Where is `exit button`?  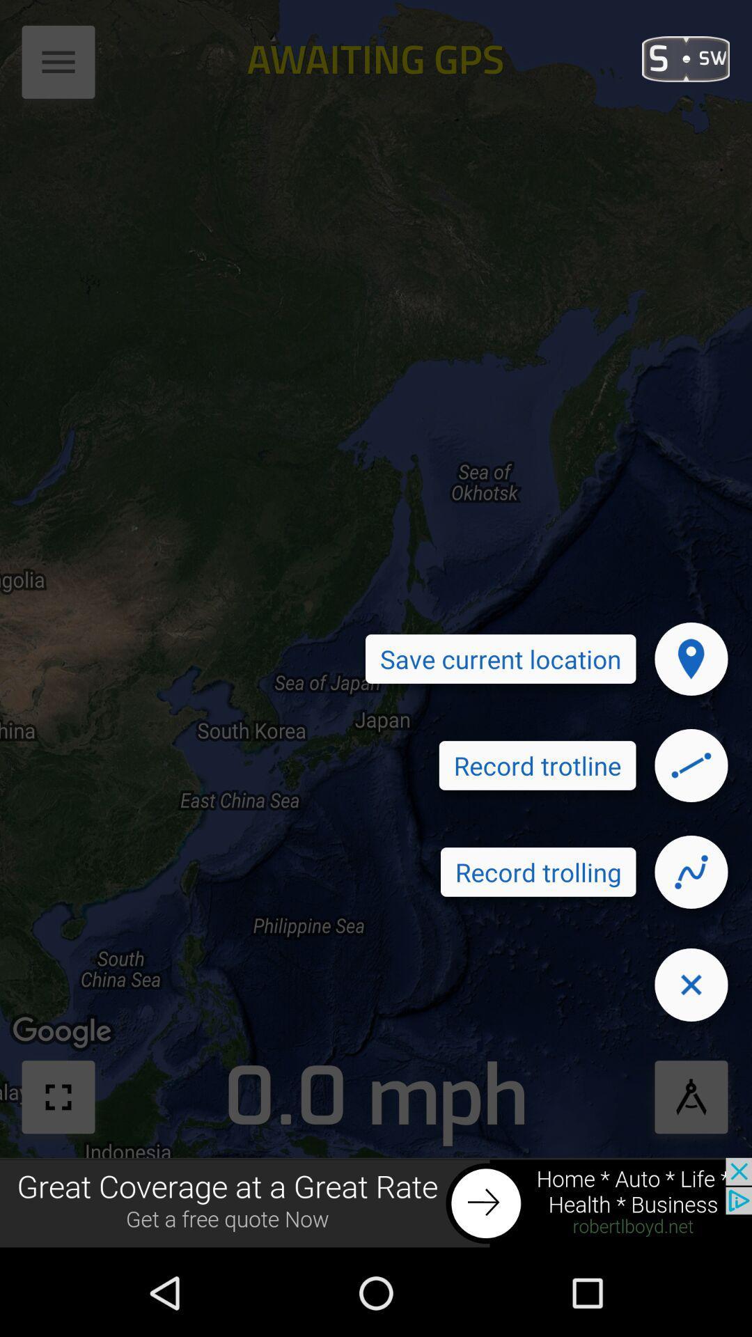 exit button is located at coordinates (691, 984).